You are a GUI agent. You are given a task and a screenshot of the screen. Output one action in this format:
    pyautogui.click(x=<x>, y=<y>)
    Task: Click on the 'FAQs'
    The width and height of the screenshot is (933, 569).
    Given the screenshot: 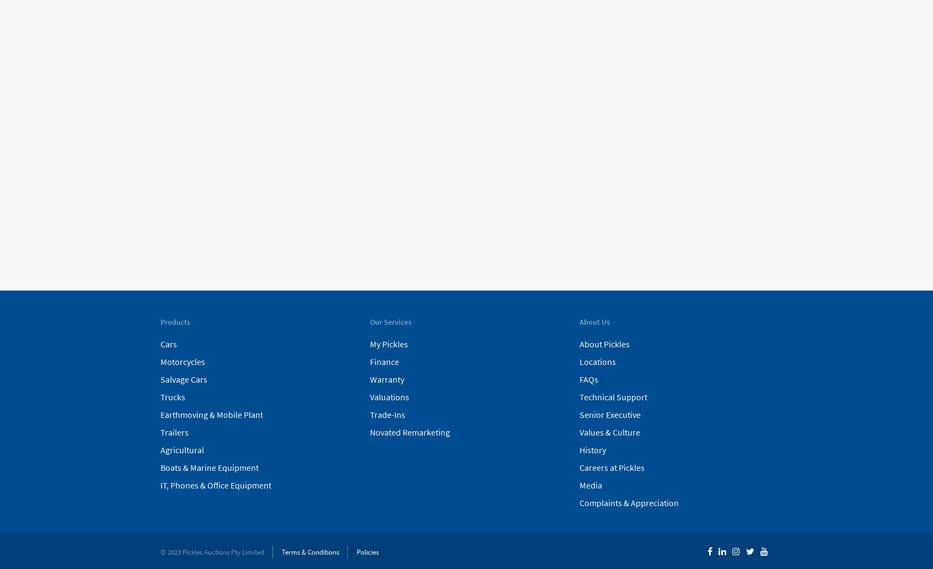 What is the action you would take?
    pyautogui.click(x=588, y=378)
    